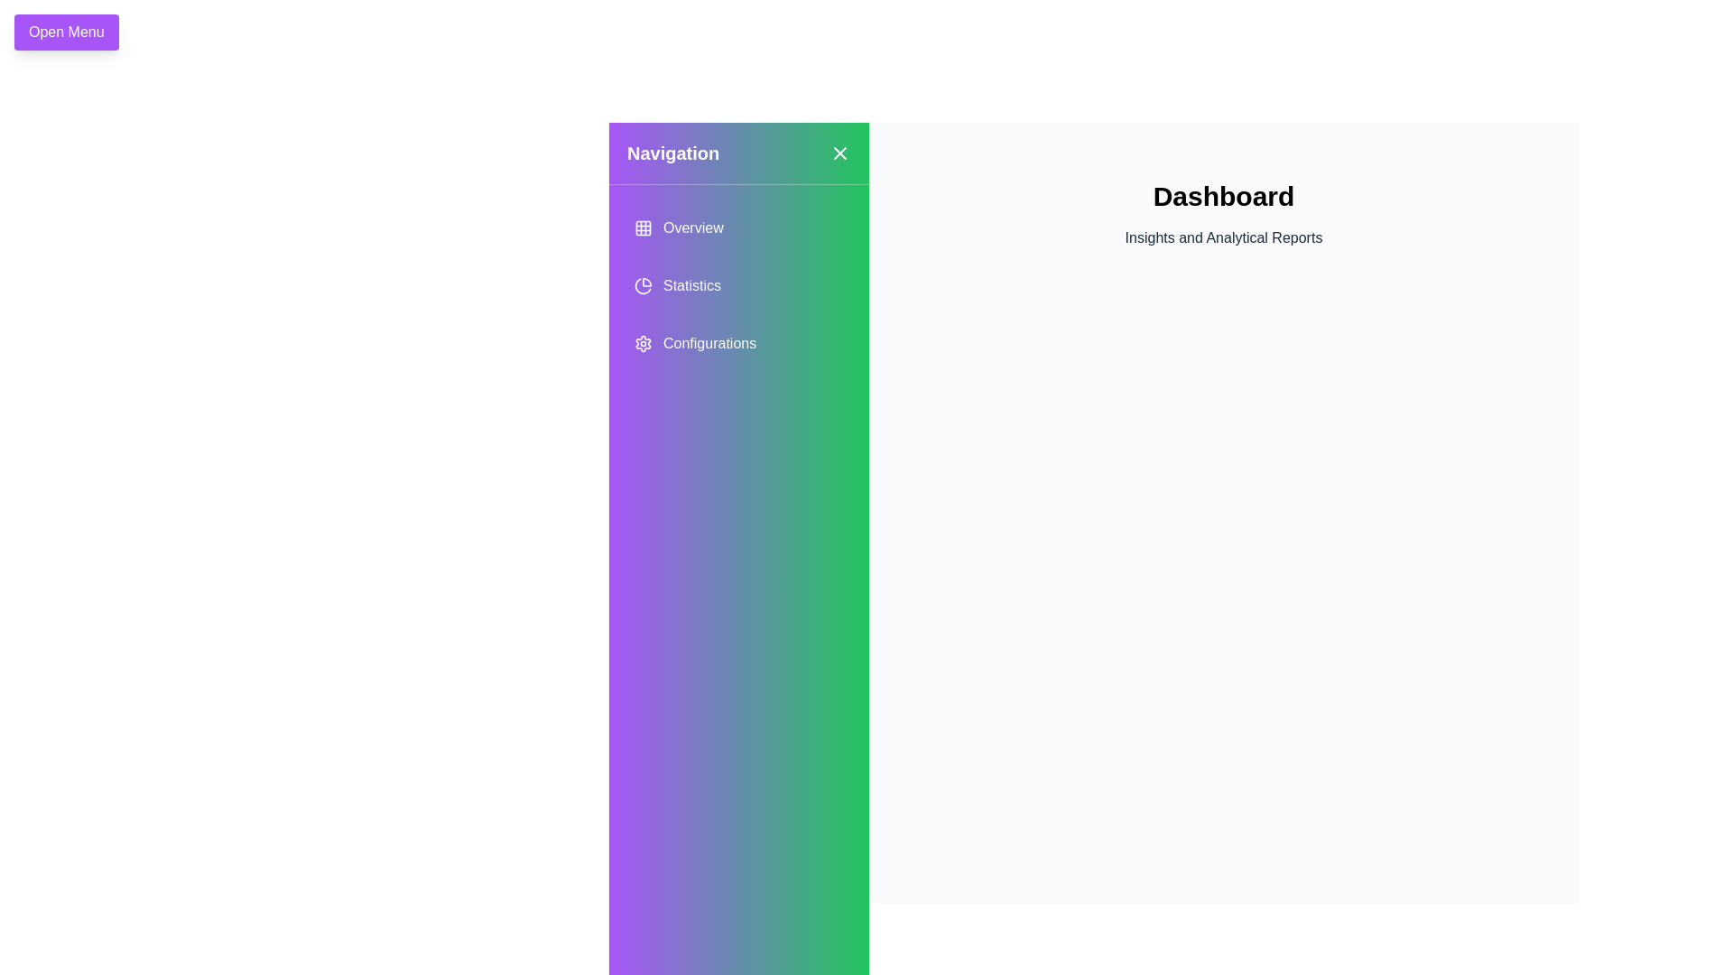  I want to click on the 'Open Menu' button to open the navigation drawer, so click(66, 32).